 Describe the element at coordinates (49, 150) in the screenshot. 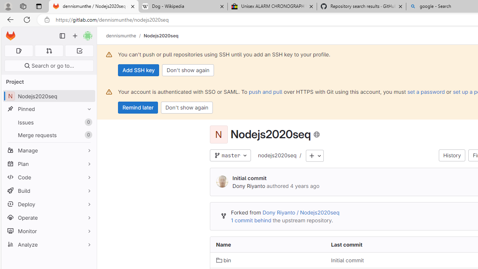

I see `'Manage'` at that location.